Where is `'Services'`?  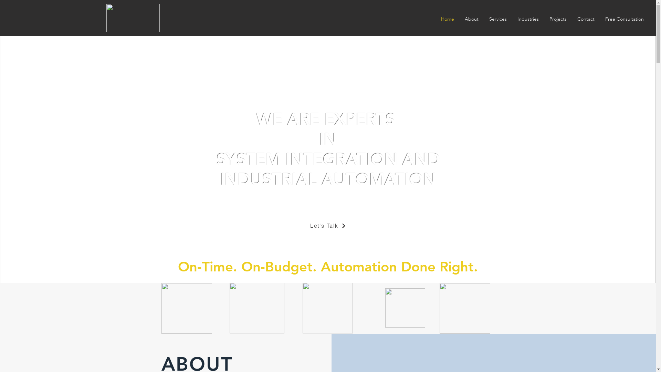
'Services' is located at coordinates (497, 19).